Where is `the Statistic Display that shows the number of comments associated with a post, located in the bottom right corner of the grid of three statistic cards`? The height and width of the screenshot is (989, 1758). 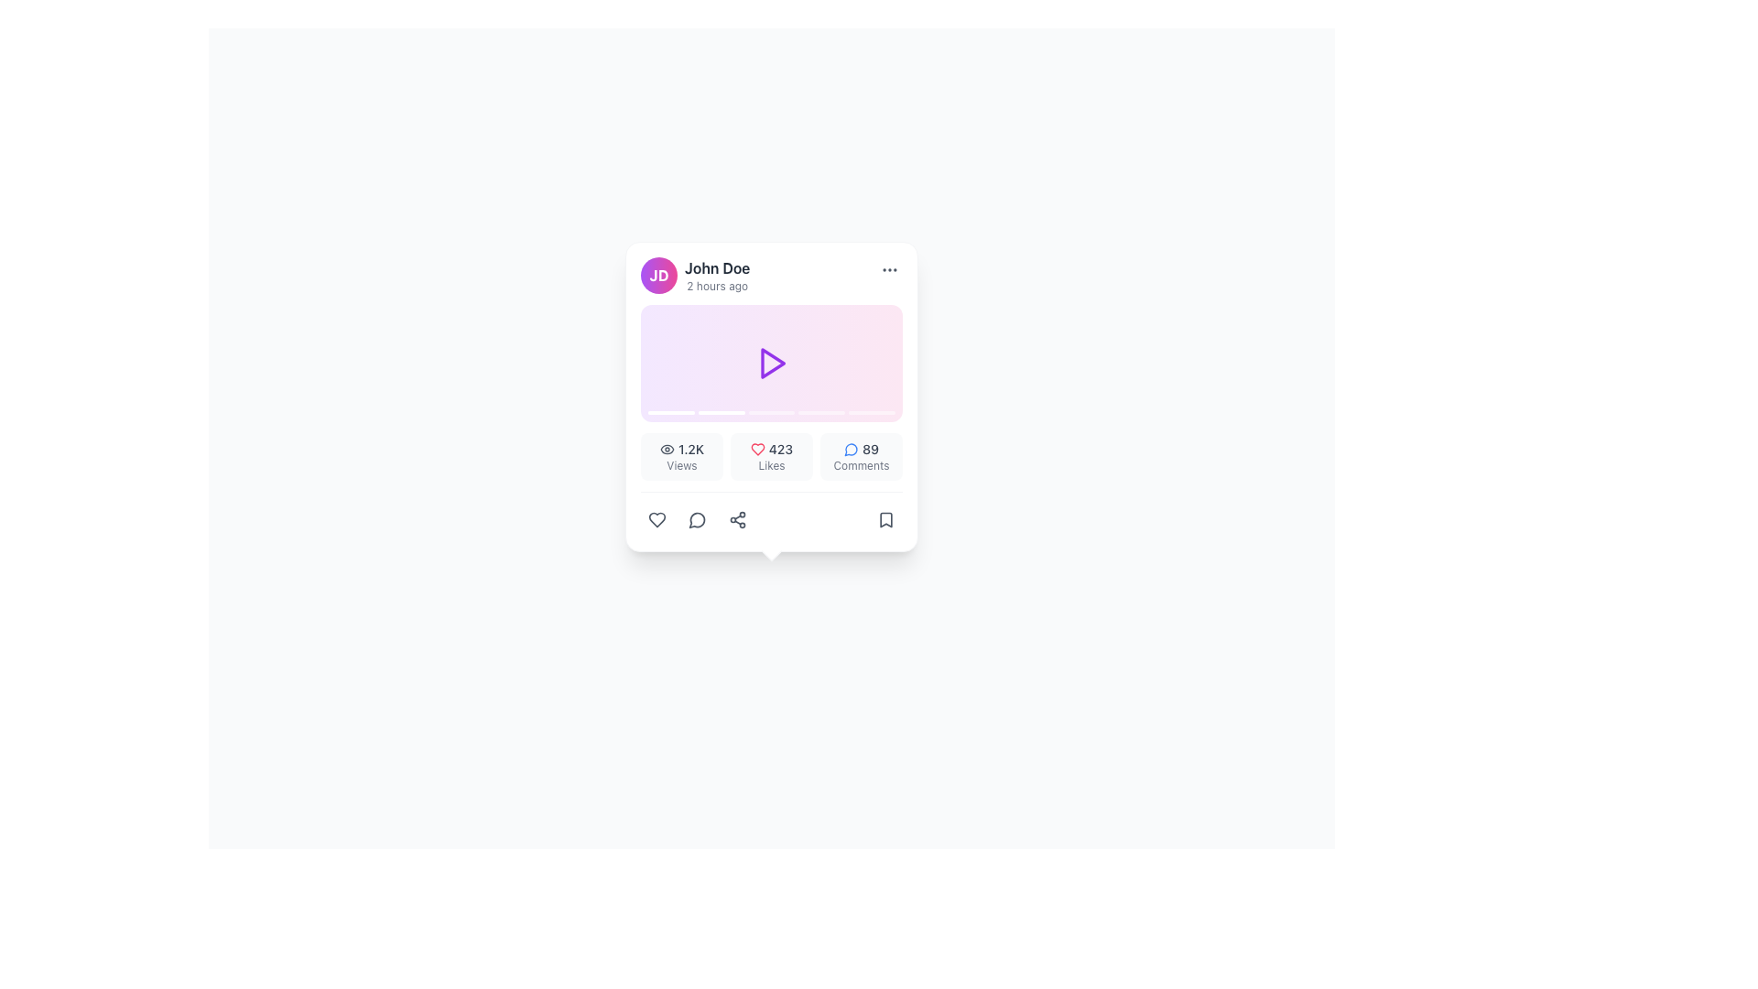 the Statistic Display that shows the number of comments associated with a post, located in the bottom right corner of the grid of three statistic cards is located at coordinates (860, 455).